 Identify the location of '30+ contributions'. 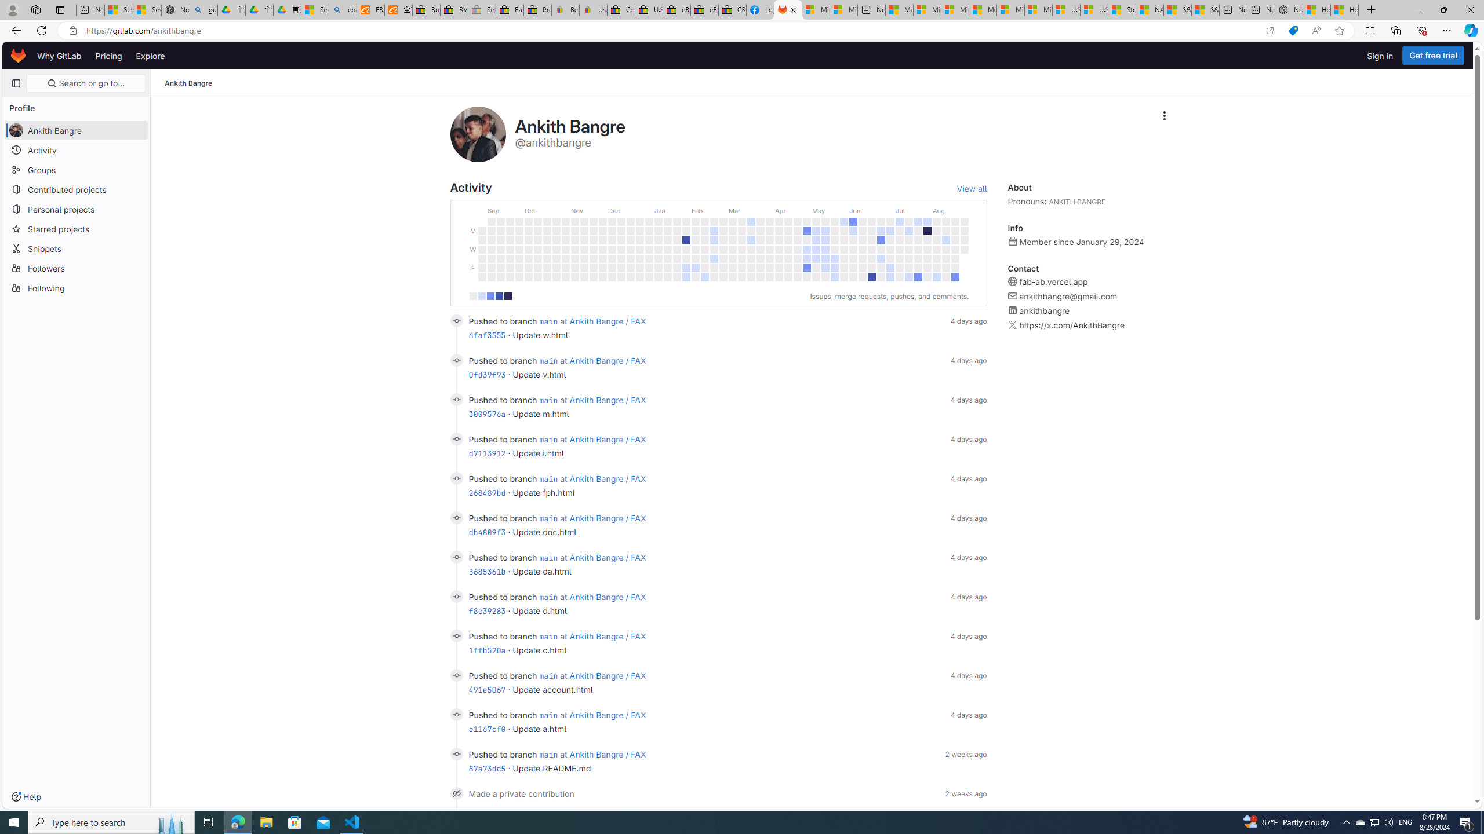
(507, 295).